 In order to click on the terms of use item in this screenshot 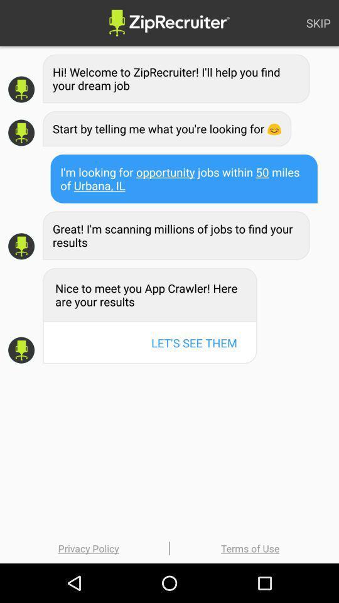, I will do `click(250, 548)`.